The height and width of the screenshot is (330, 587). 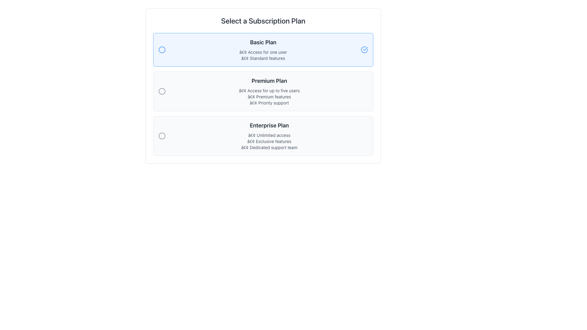 What do you see at coordinates (269, 147) in the screenshot?
I see `the informational text label that describes the features included in the 'Enterprise Plan' subscription, which is the third item in the list of benefits` at bounding box center [269, 147].